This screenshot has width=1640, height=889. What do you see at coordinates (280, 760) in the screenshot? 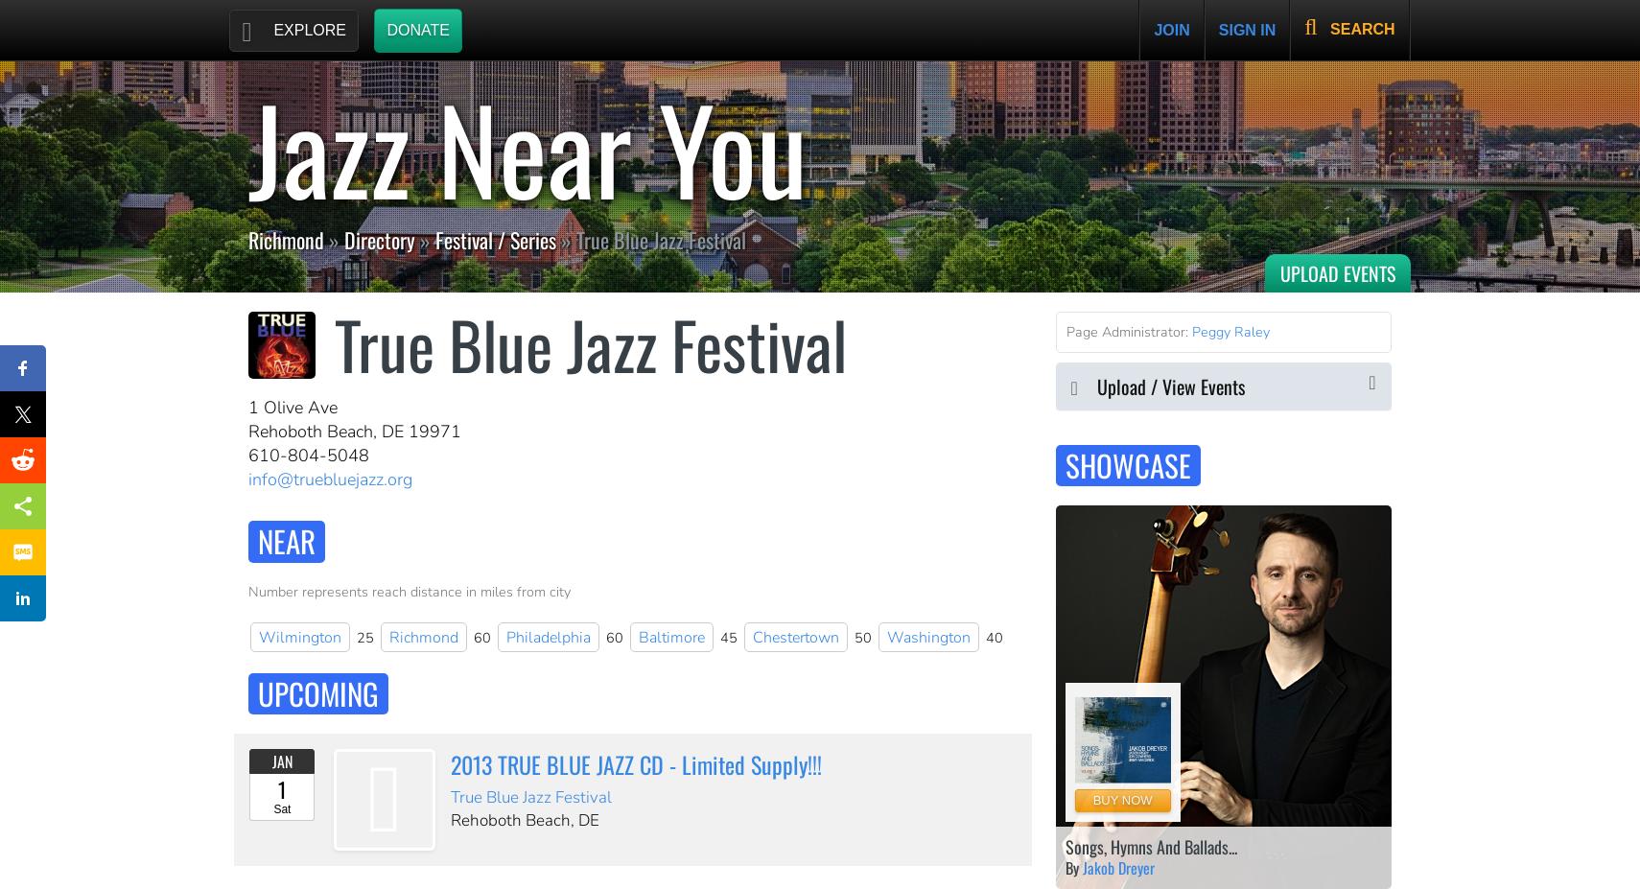
I see `'Jan'` at bounding box center [280, 760].